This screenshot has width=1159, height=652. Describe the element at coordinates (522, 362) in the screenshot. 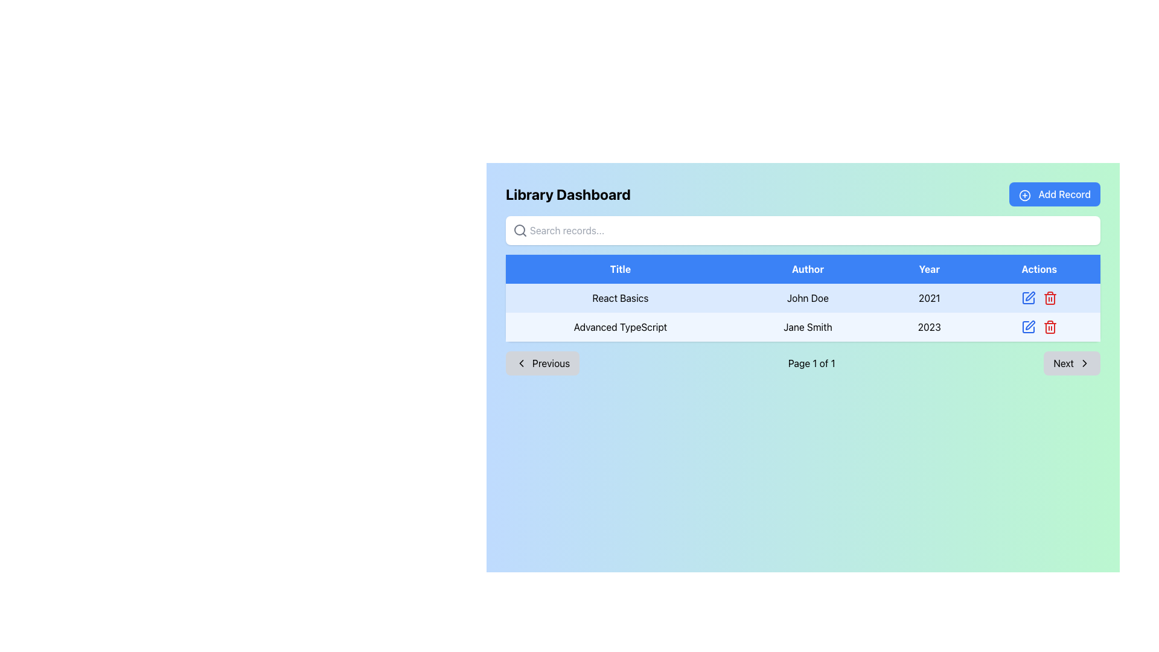

I see `the chevron icon on the 'Previous' button` at that location.